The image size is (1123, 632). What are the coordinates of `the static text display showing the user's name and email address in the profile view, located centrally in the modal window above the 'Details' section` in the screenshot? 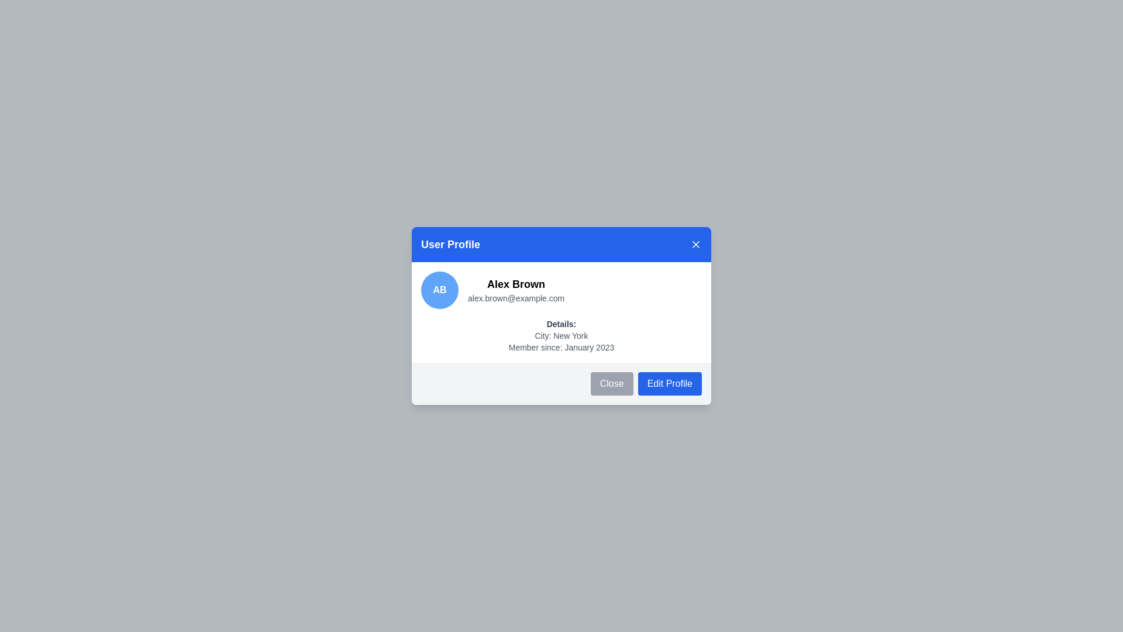 It's located at (515, 290).